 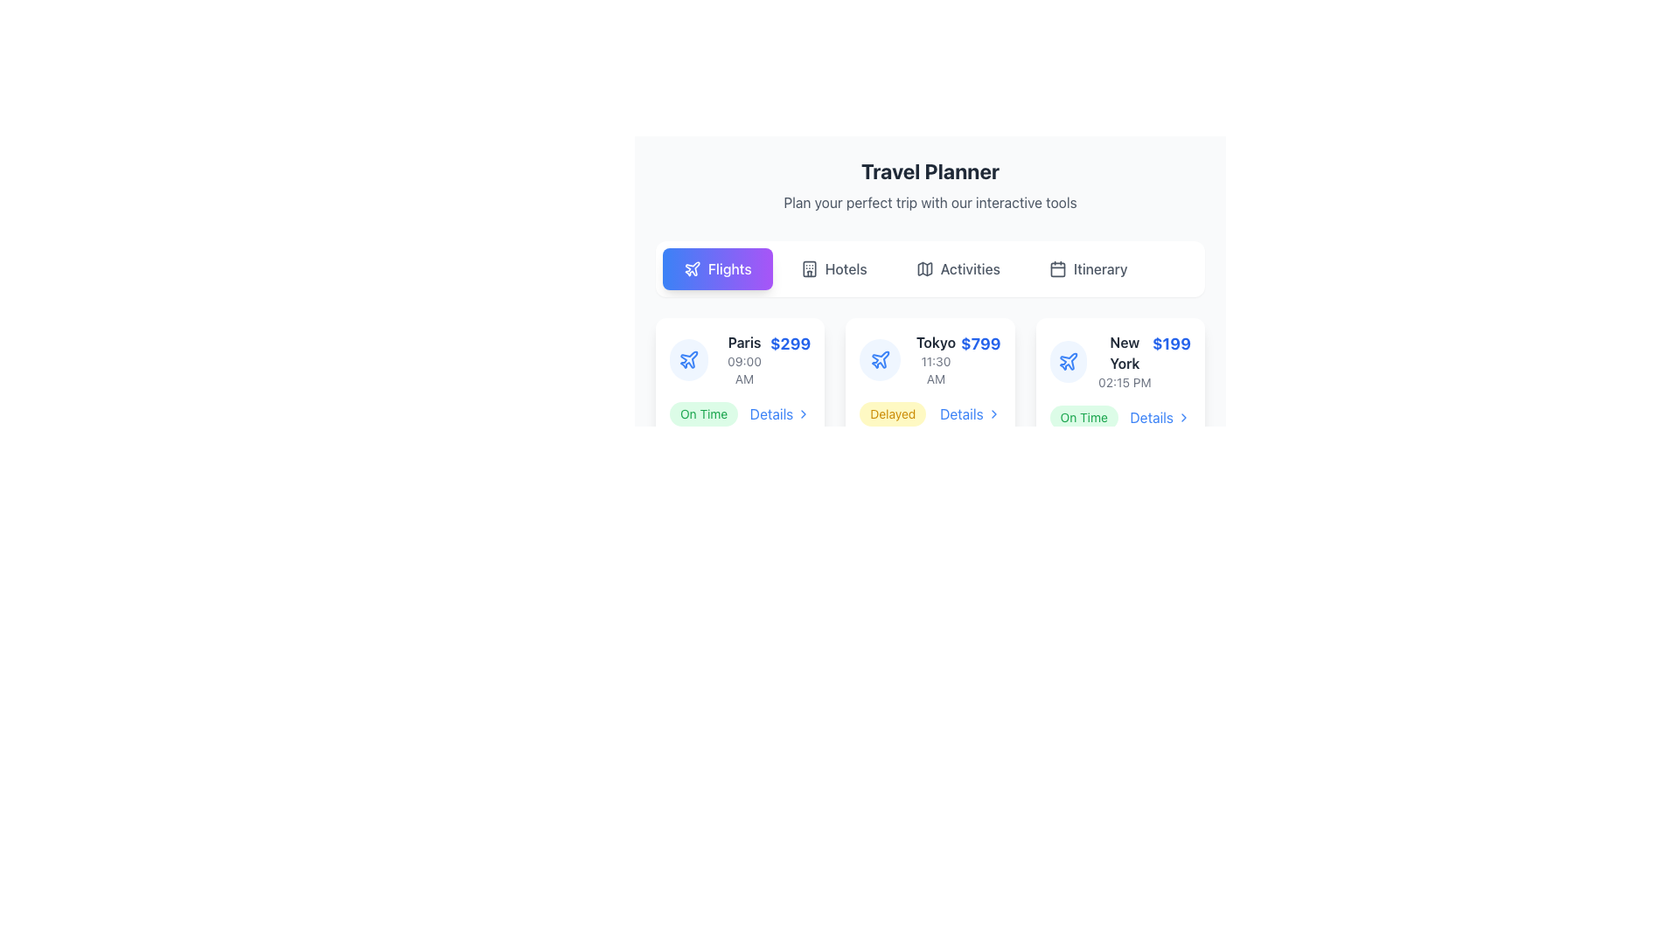 I want to click on the flight offer information card displaying details for New York, which is the third card in a horizontal series of flight offers, so click(x=1120, y=360).